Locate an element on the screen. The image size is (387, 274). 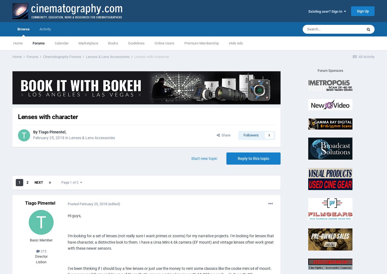
'Lisbon' is located at coordinates (41, 261).